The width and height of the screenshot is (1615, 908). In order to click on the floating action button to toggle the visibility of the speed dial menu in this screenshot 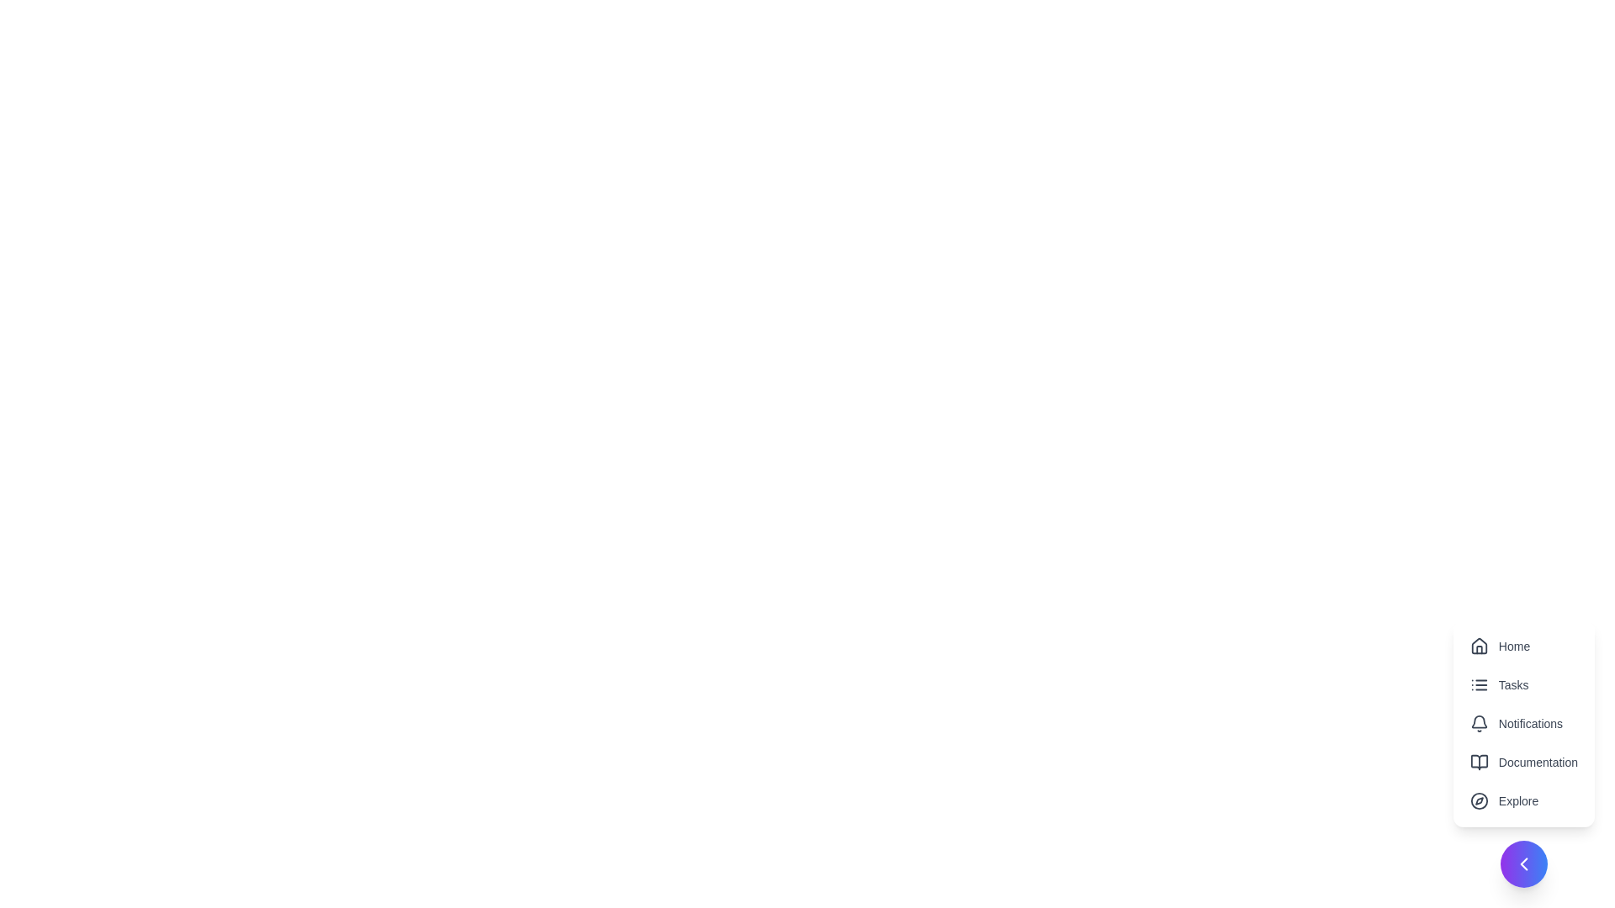, I will do `click(1523, 864)`.